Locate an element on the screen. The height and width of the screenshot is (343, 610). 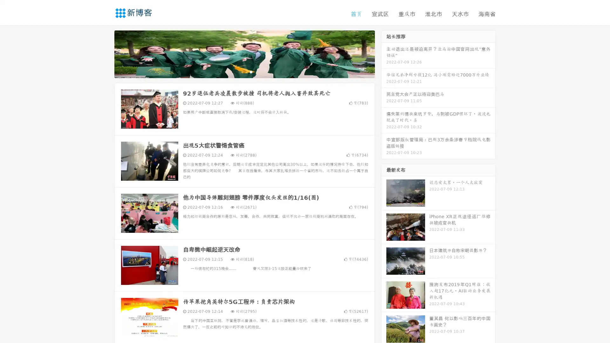
Go to slide 2 is located at coordinates (244, 71).